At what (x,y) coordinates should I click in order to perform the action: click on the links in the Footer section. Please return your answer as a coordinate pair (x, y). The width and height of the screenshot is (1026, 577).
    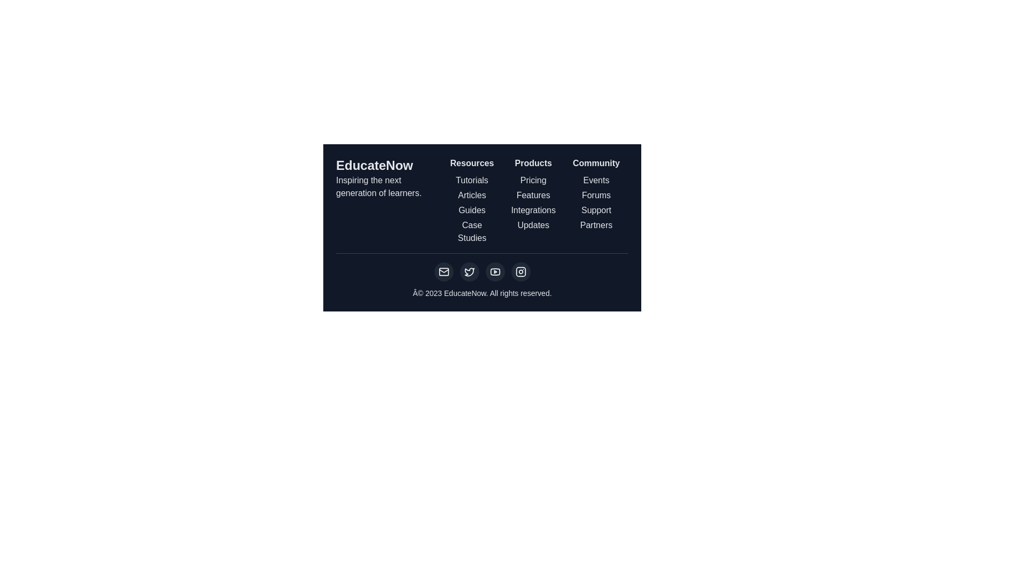
    Looking at the image, I should click on (481, 227).